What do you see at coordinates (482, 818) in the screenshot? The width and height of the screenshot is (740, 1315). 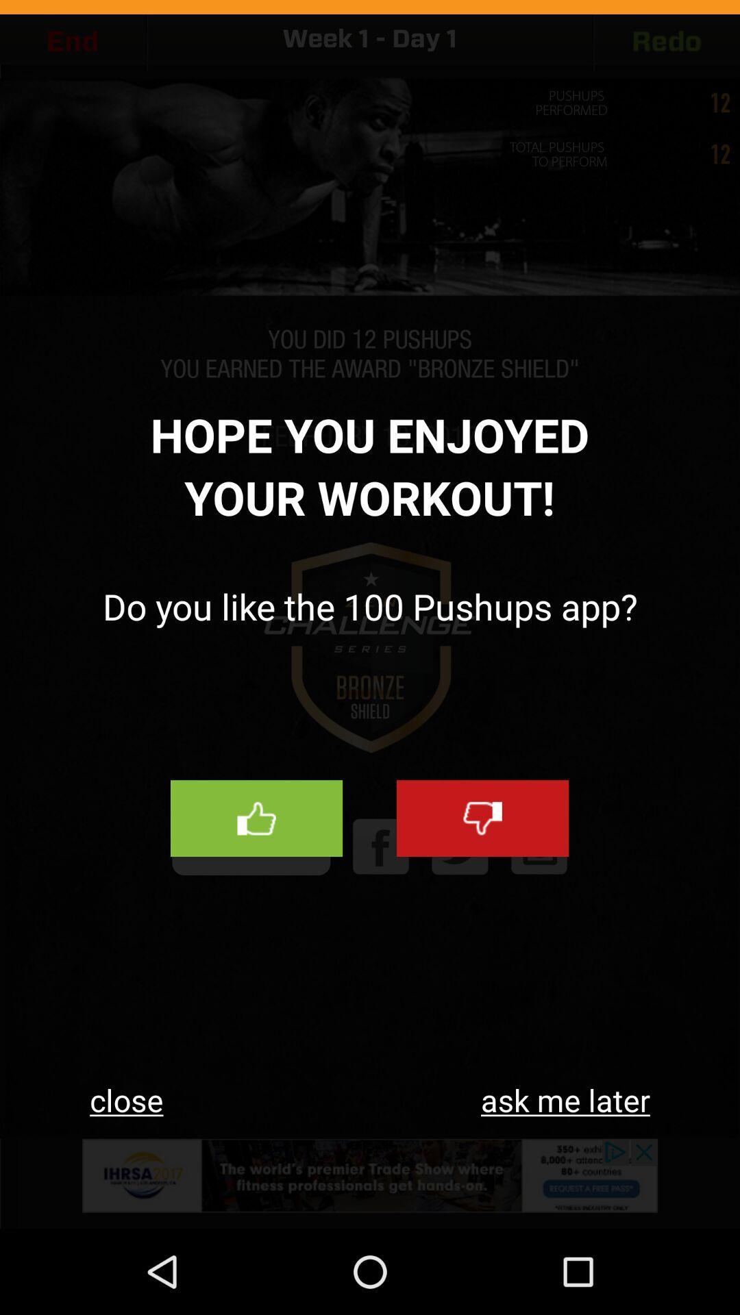 I see `dislike` at bounding box center [482, 818].